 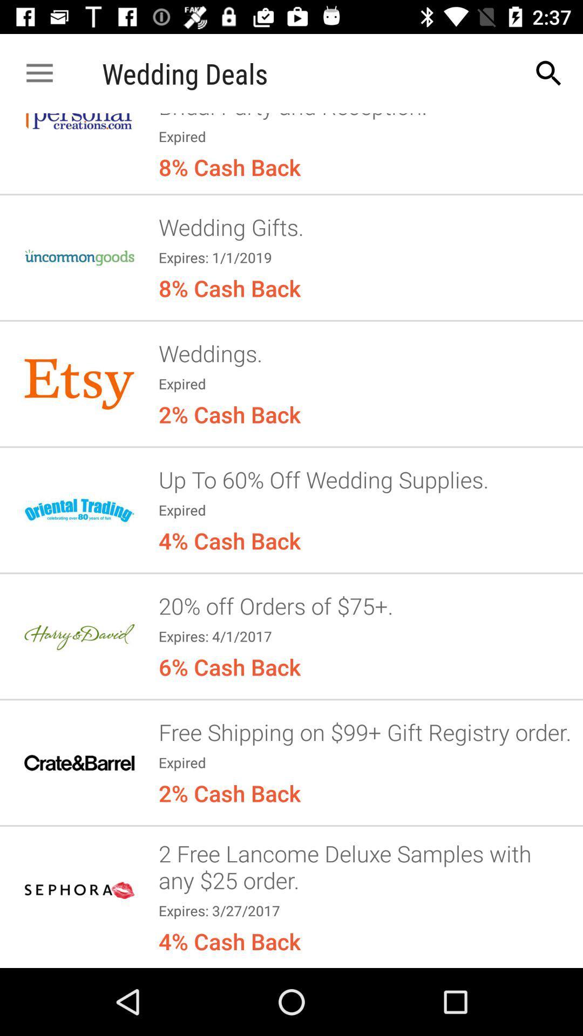 What do you see at coordinates (549, 73) in the screenshot?
I see `top right corner` at bounding box center [549, 73].